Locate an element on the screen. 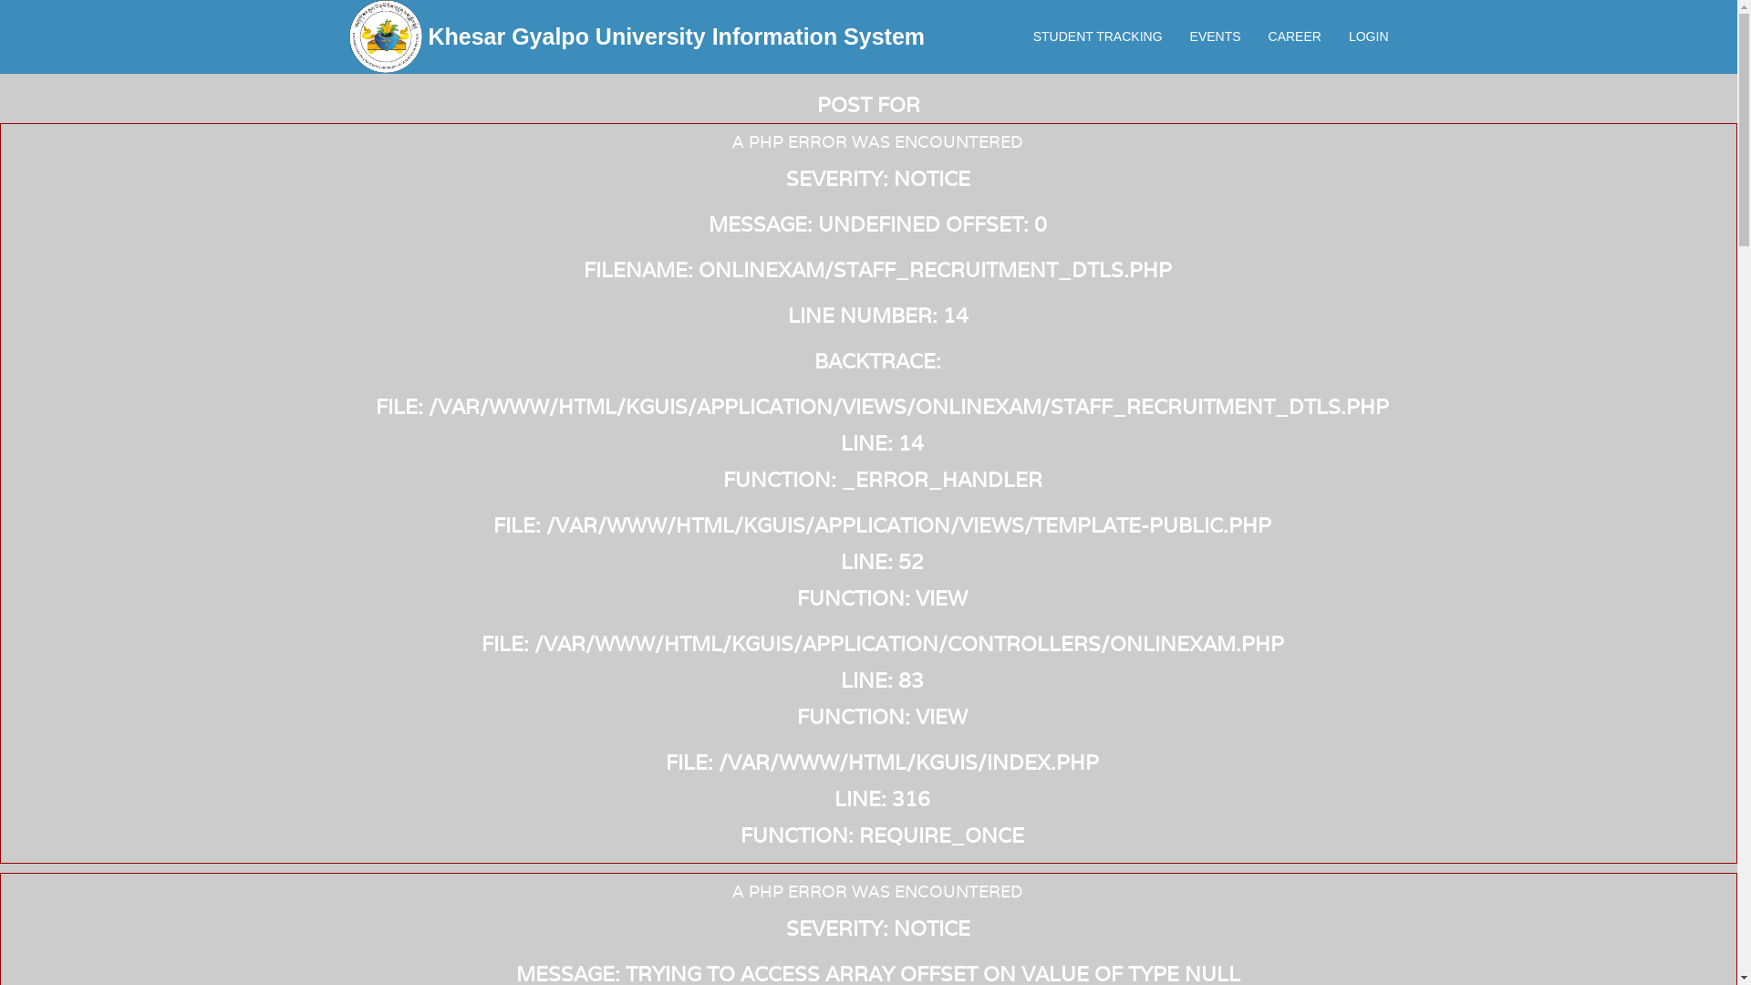 Image resolution: width=1751 pixels, height=985 pixels. 'STUDENT TRACKING' is located at coordinates (1019, 36).